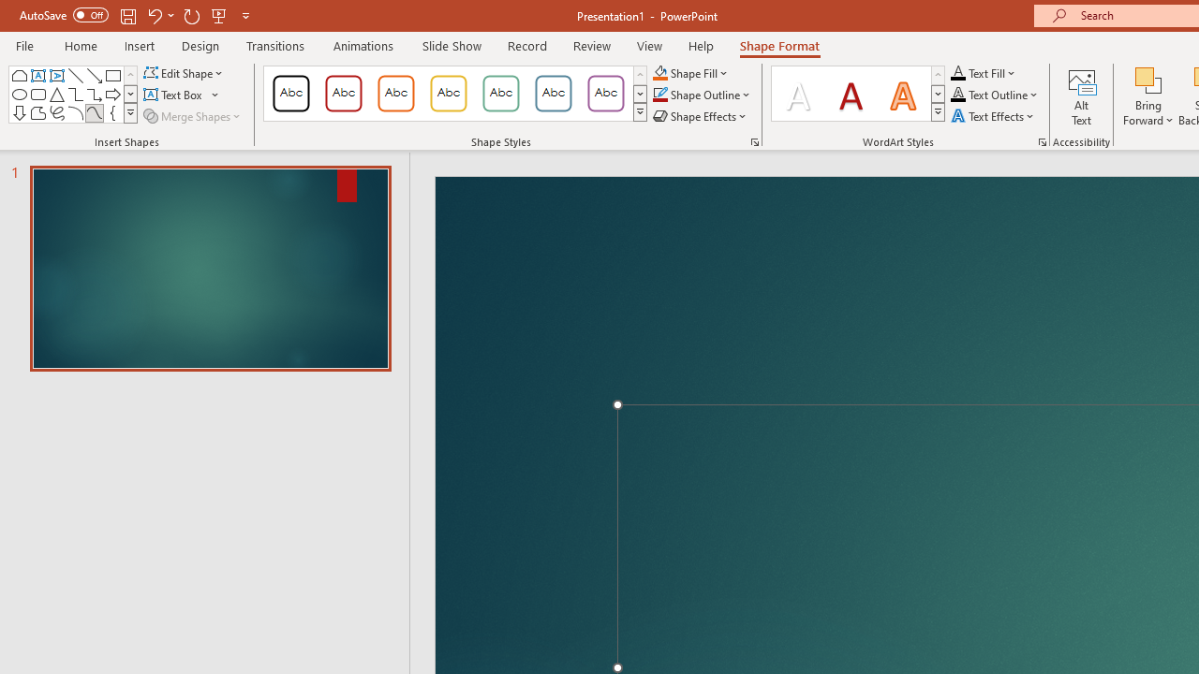  I want to click on 'Row Down', so click(938, 94).